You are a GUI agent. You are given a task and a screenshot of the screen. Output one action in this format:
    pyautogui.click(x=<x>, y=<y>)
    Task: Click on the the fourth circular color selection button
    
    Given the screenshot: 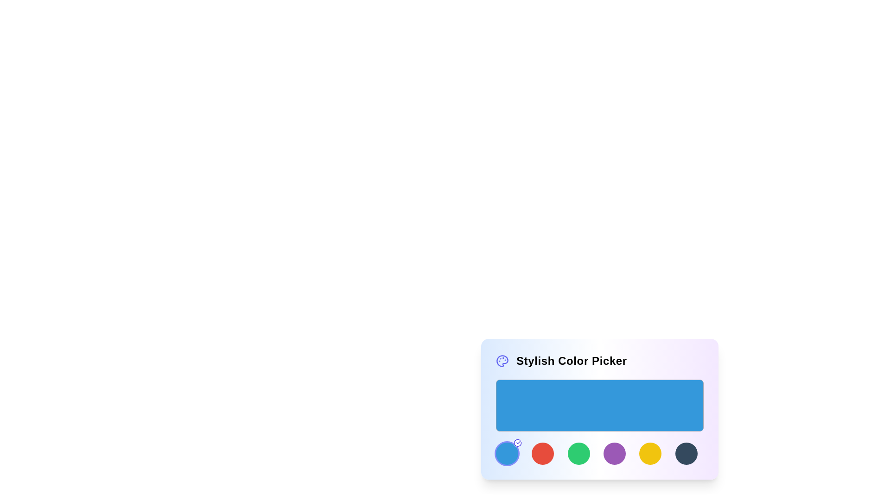 What is the action you would take?
    pyautogui.click(x=578, y=453)
    